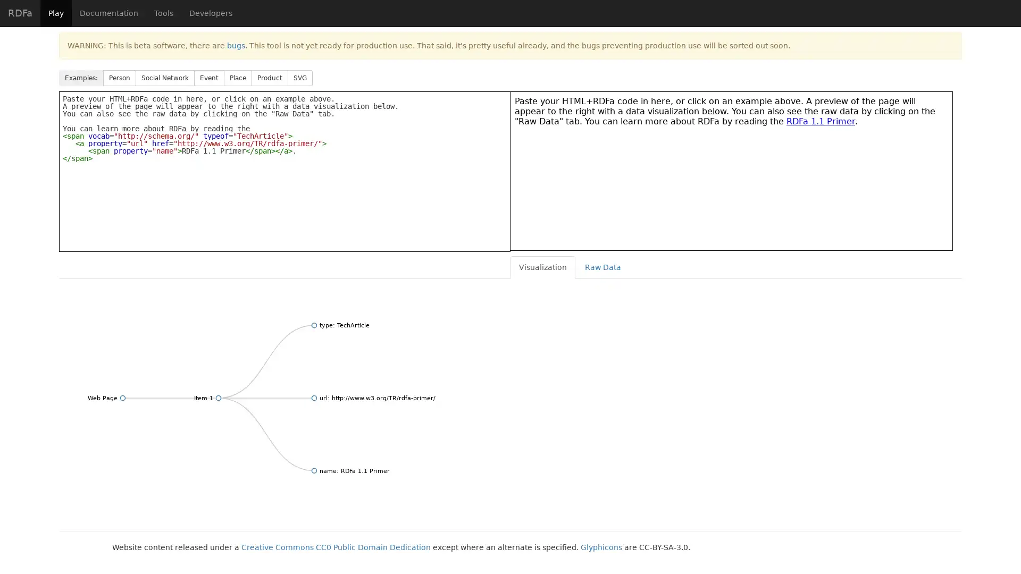 The height and width of the screenshot is (574, 1021). Describe the element at coordinates (270, 77) in the screenshot. I see `Product` at that location.